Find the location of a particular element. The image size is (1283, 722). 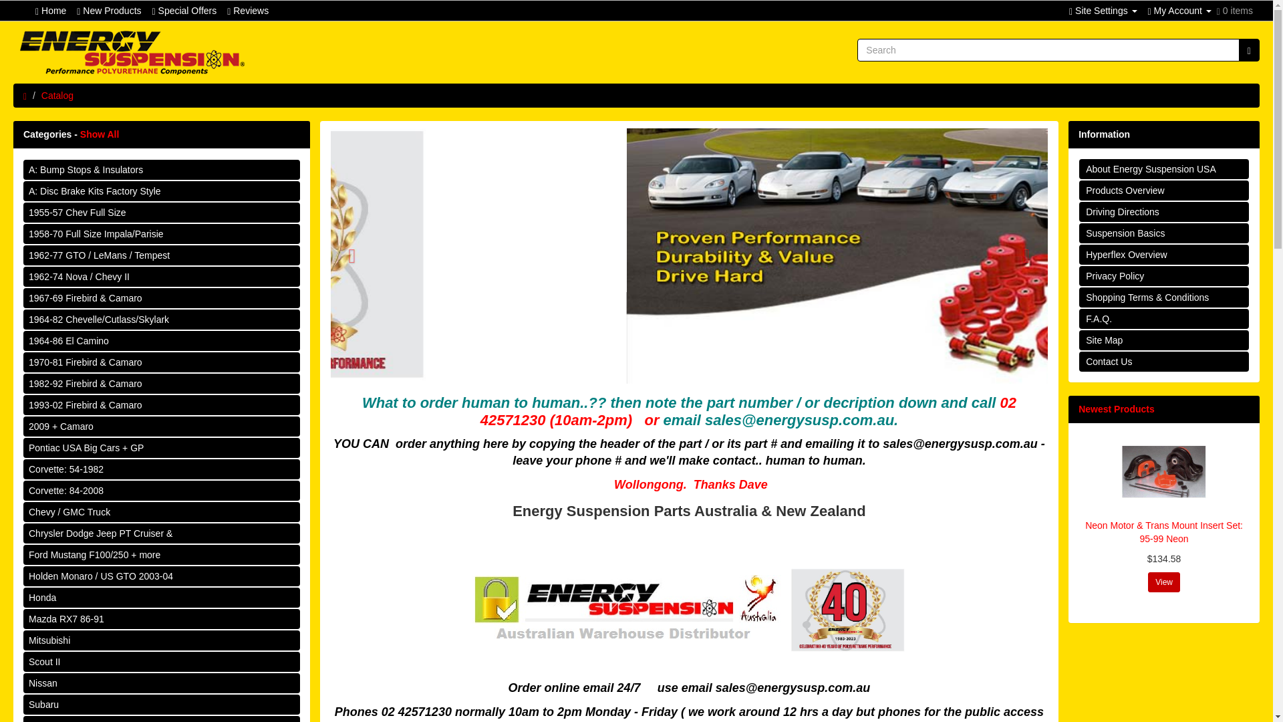

'My Account' is located at coordinates (1179, 10).